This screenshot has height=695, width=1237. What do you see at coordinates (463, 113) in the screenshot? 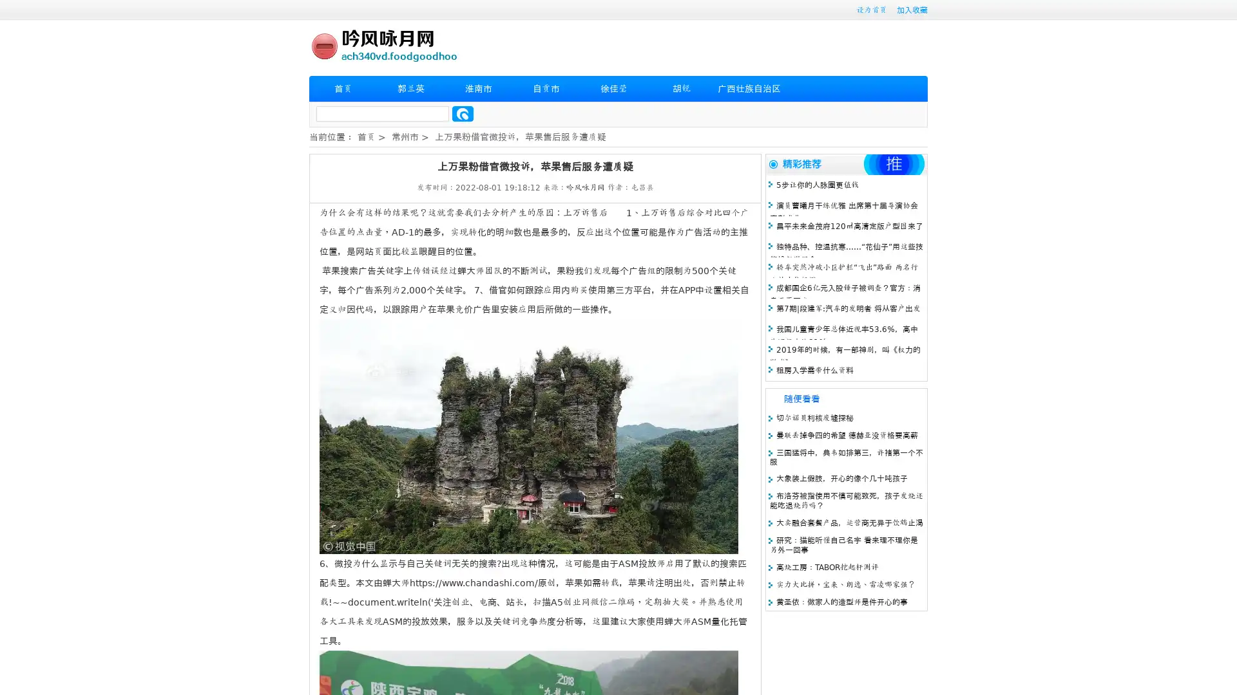
I see `Search` at bounding box center [463, 113].